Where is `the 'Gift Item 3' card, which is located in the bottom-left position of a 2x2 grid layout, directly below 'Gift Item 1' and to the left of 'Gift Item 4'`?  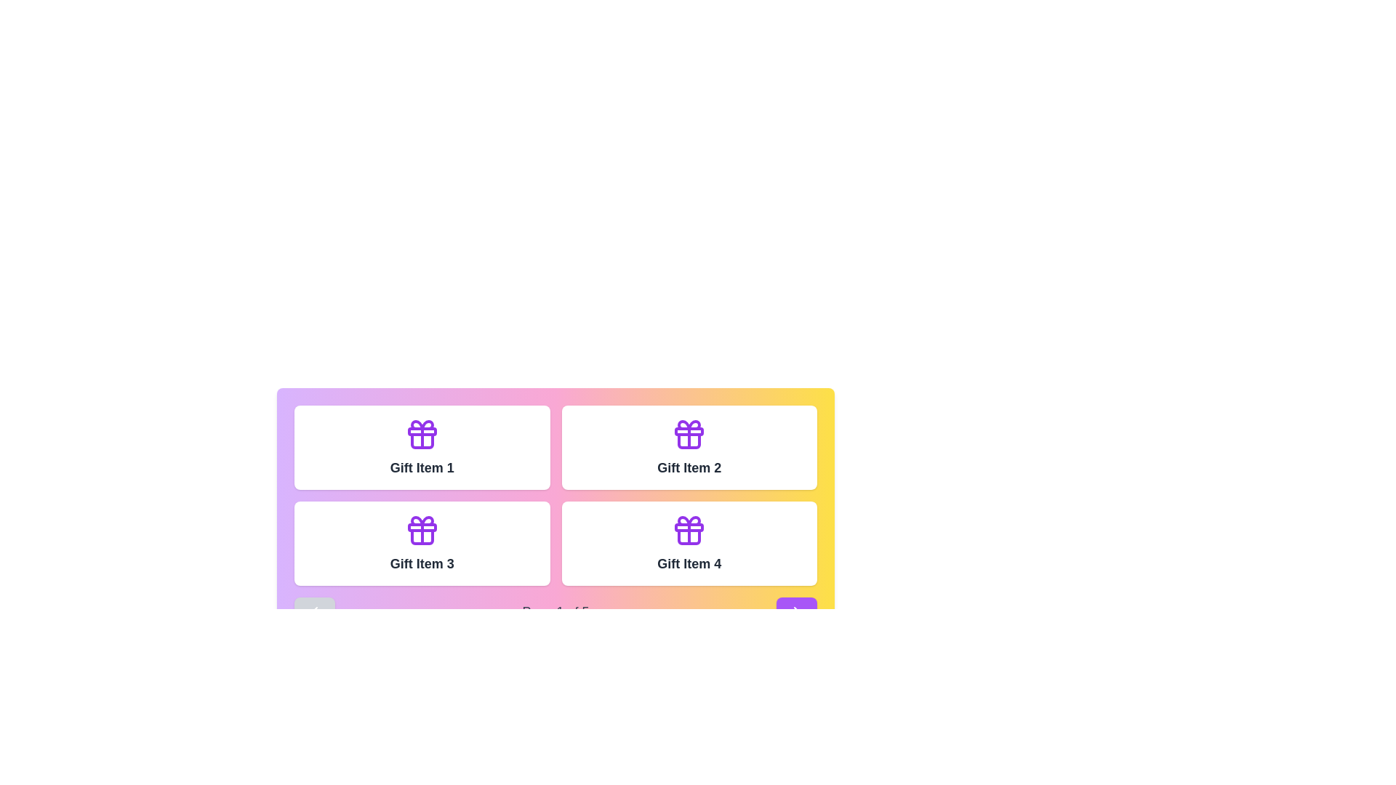 the 'Gift Item 3' card, which is located in the bottom-left position of a 2x2 grid layout, directly below 'Gift Item 1' and to the left of 'Gift Item 4' is located at coordinates (421, 544).